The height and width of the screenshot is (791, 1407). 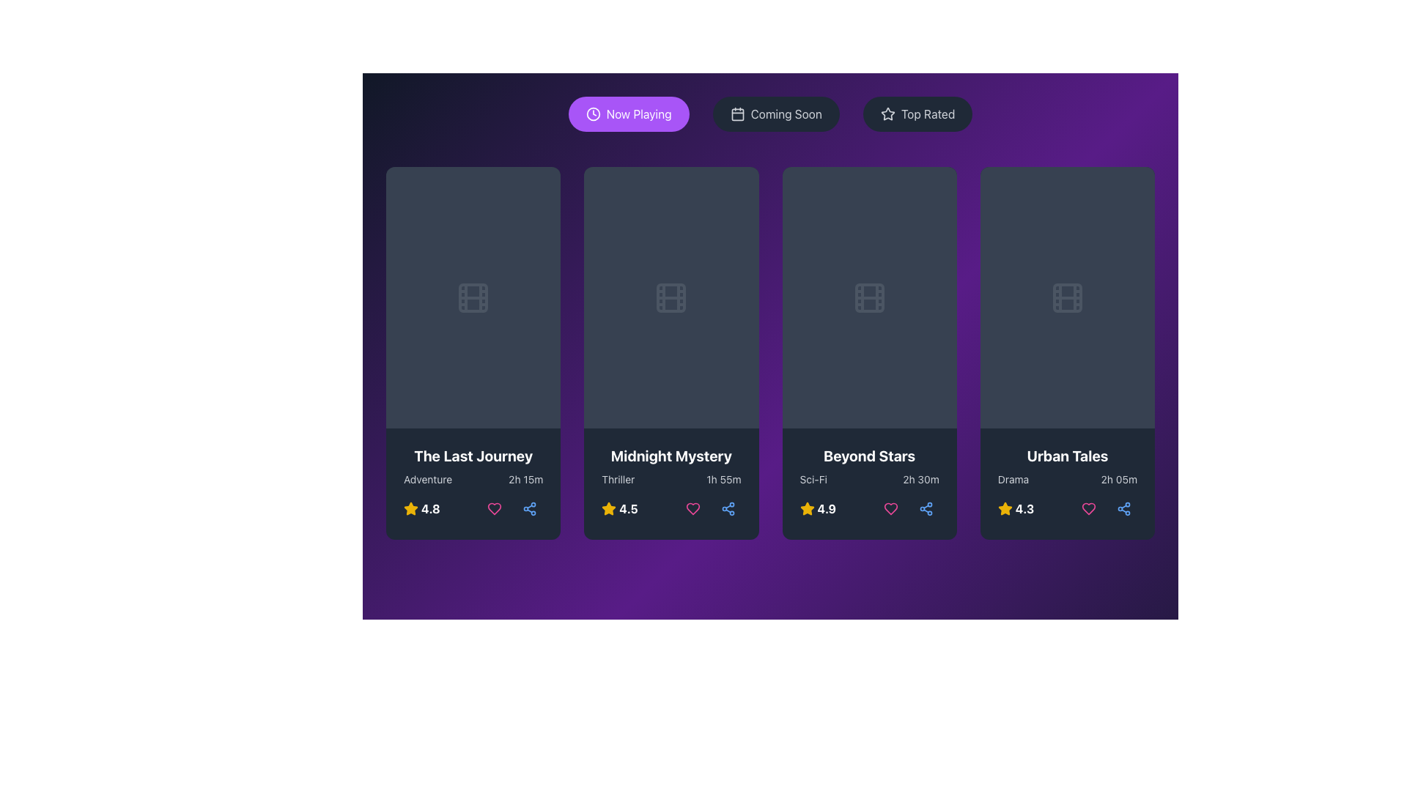 I want to click on the text label that indicates the genre of the movie on the 'Urban Tales' card, located at the lower-left corner under the movie title, so click(x=1012, y=480).